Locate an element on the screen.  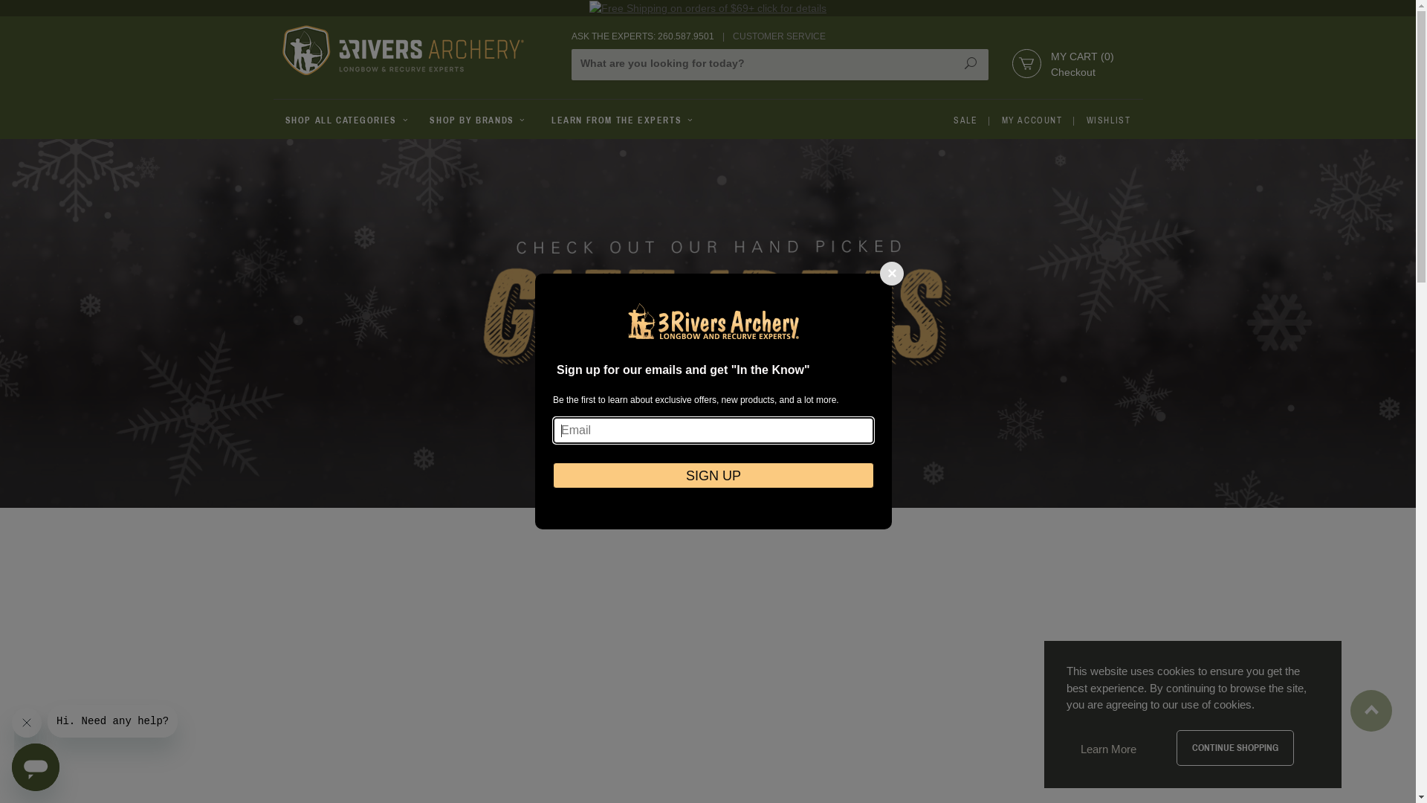
'Back to Top' is located at coordinates (1370, 710).